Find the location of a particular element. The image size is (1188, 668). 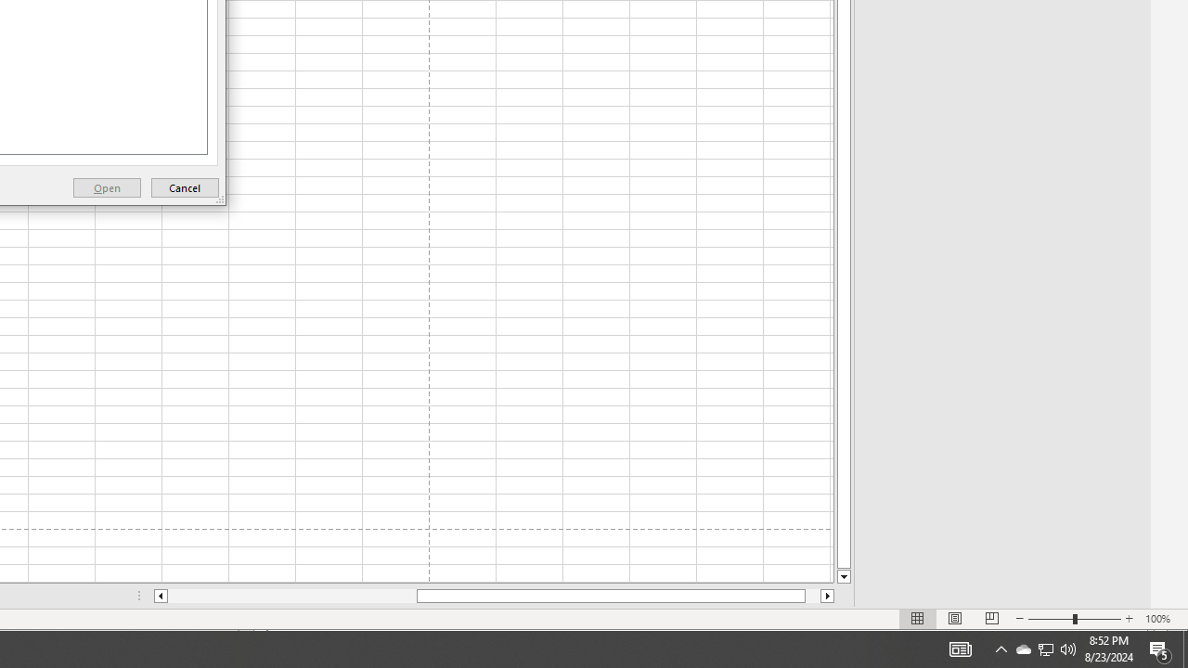

'AutomationID: 4105' is located at coordinates (960, 648).